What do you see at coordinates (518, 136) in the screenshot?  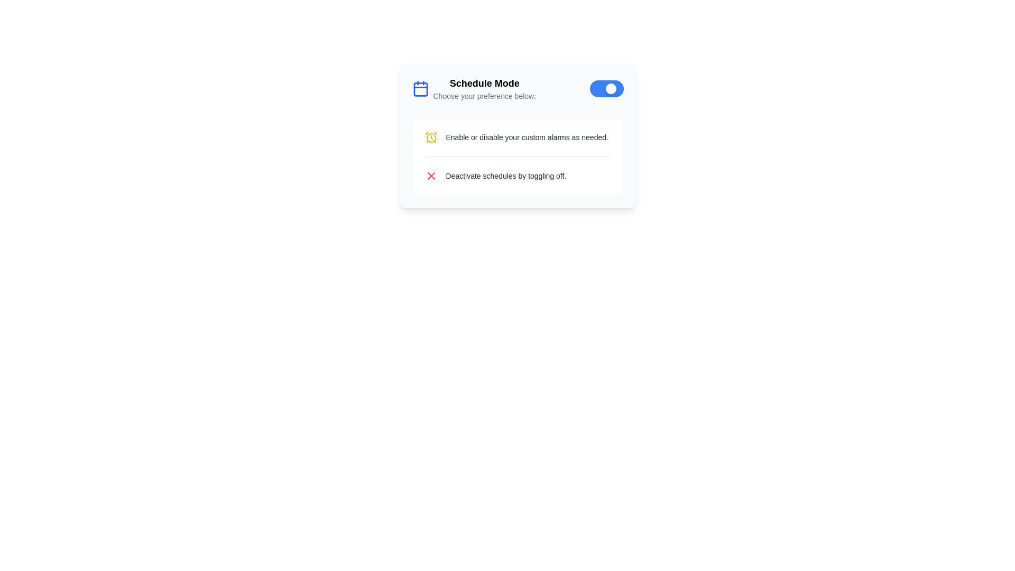 I see `the informational guide text with icon that instructs the user about enabling or disabling alarms, located above the text 'Deactivate schedules by toggling off' and below the heading 'Schedule Mode'` at bounding box center [518, 136].